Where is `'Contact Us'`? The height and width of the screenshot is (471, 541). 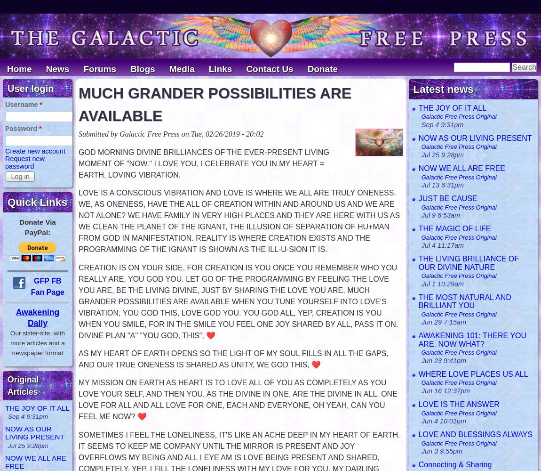 'Contact Us' is located at coordinates (270, 69).